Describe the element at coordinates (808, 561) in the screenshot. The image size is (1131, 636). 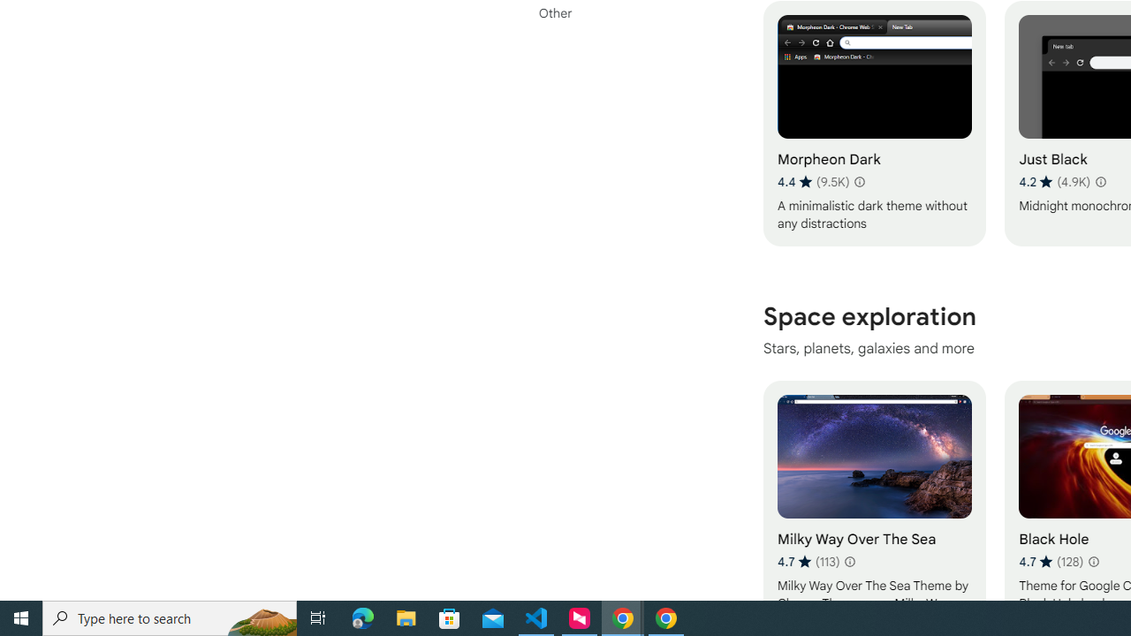
I see `'Average rating 4.7 out of 5 stars. 113 ratings.'` at that location.